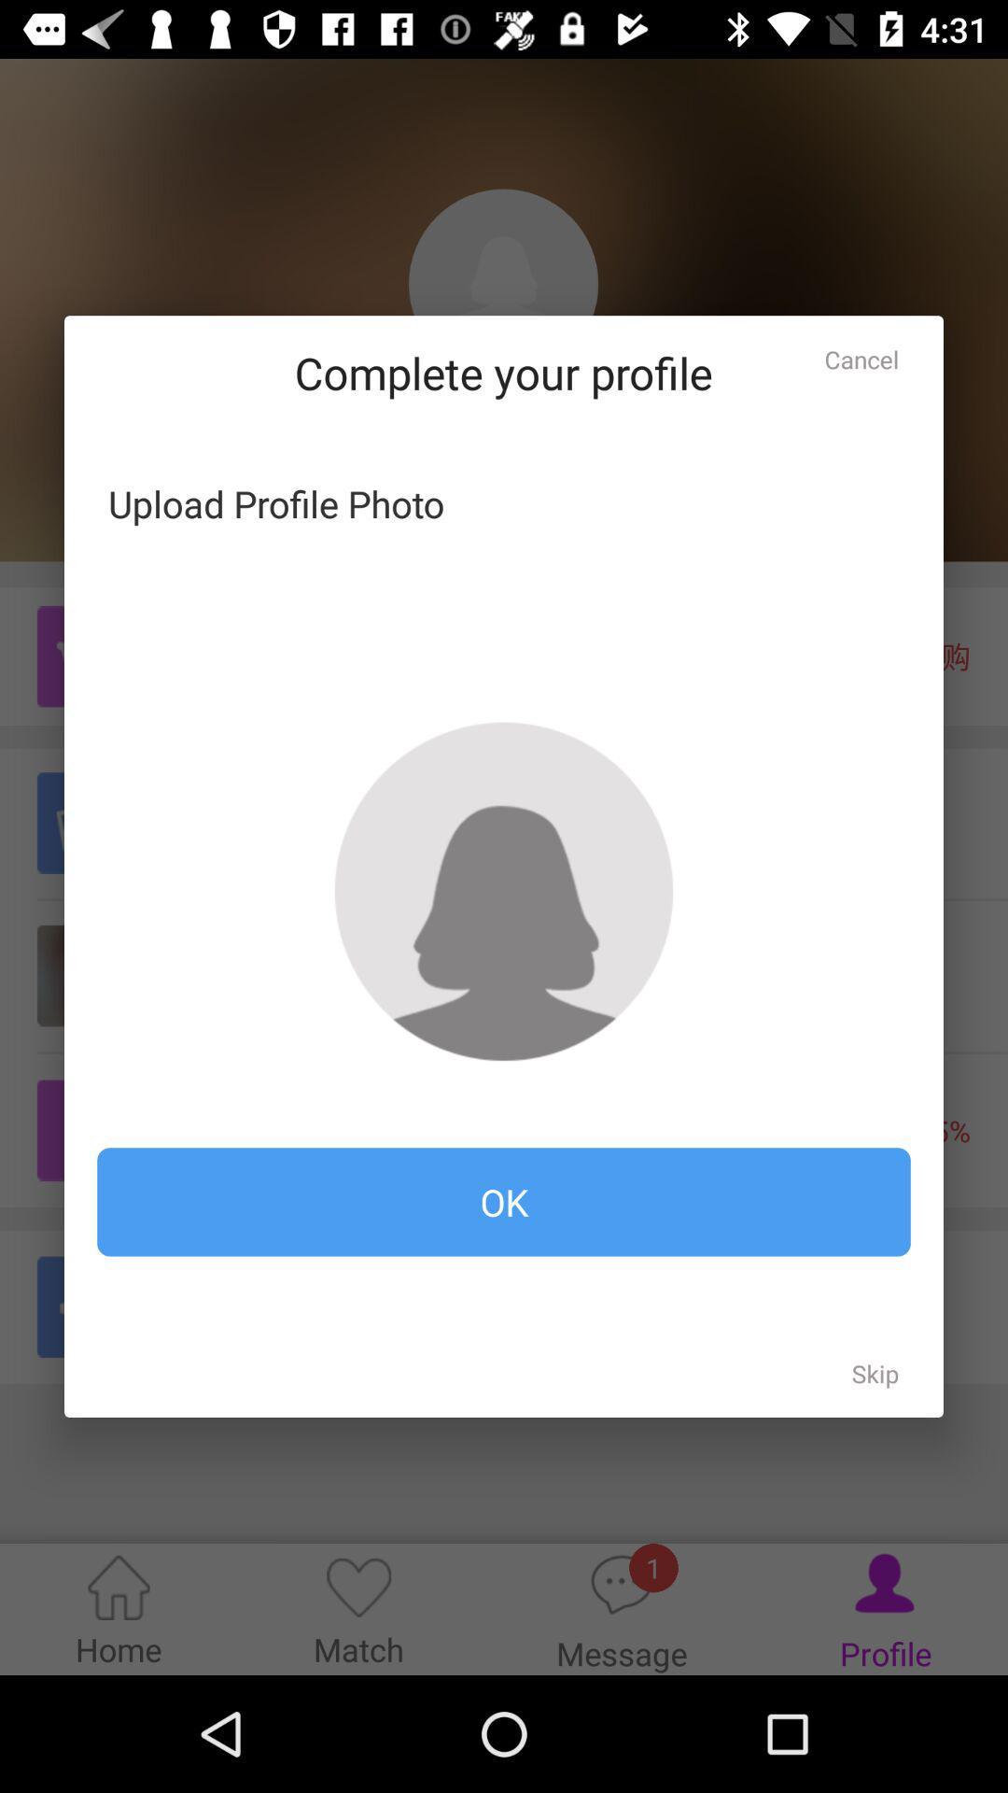 The width and height of the screenshot is (1008, 1793). What do you see at coordinates (875, 1374) in the screenshot?
I see `icon below the ok item` at bounding box center [875, 1374].